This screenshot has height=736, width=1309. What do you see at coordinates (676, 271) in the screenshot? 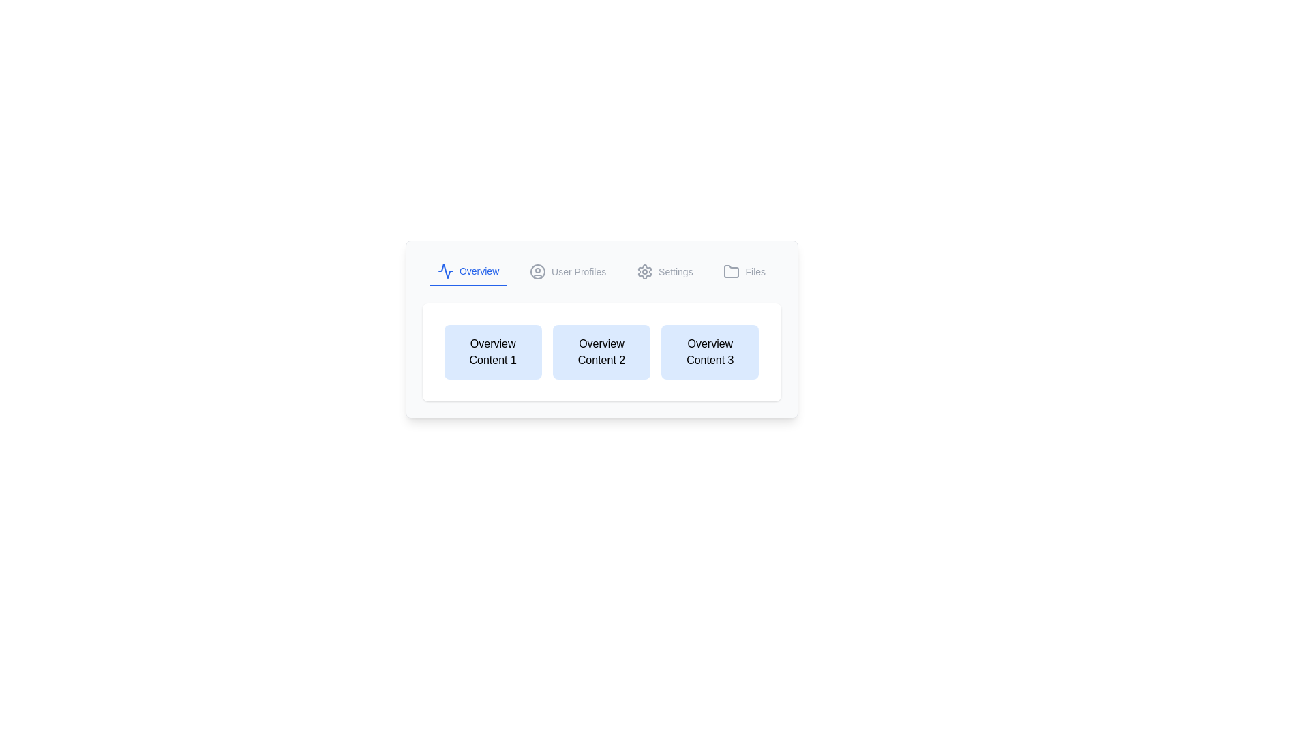
I see `the text label that describes the settings option, located in the top-right section of the interface, next to the gear icon` at bounding box center [676, 271].